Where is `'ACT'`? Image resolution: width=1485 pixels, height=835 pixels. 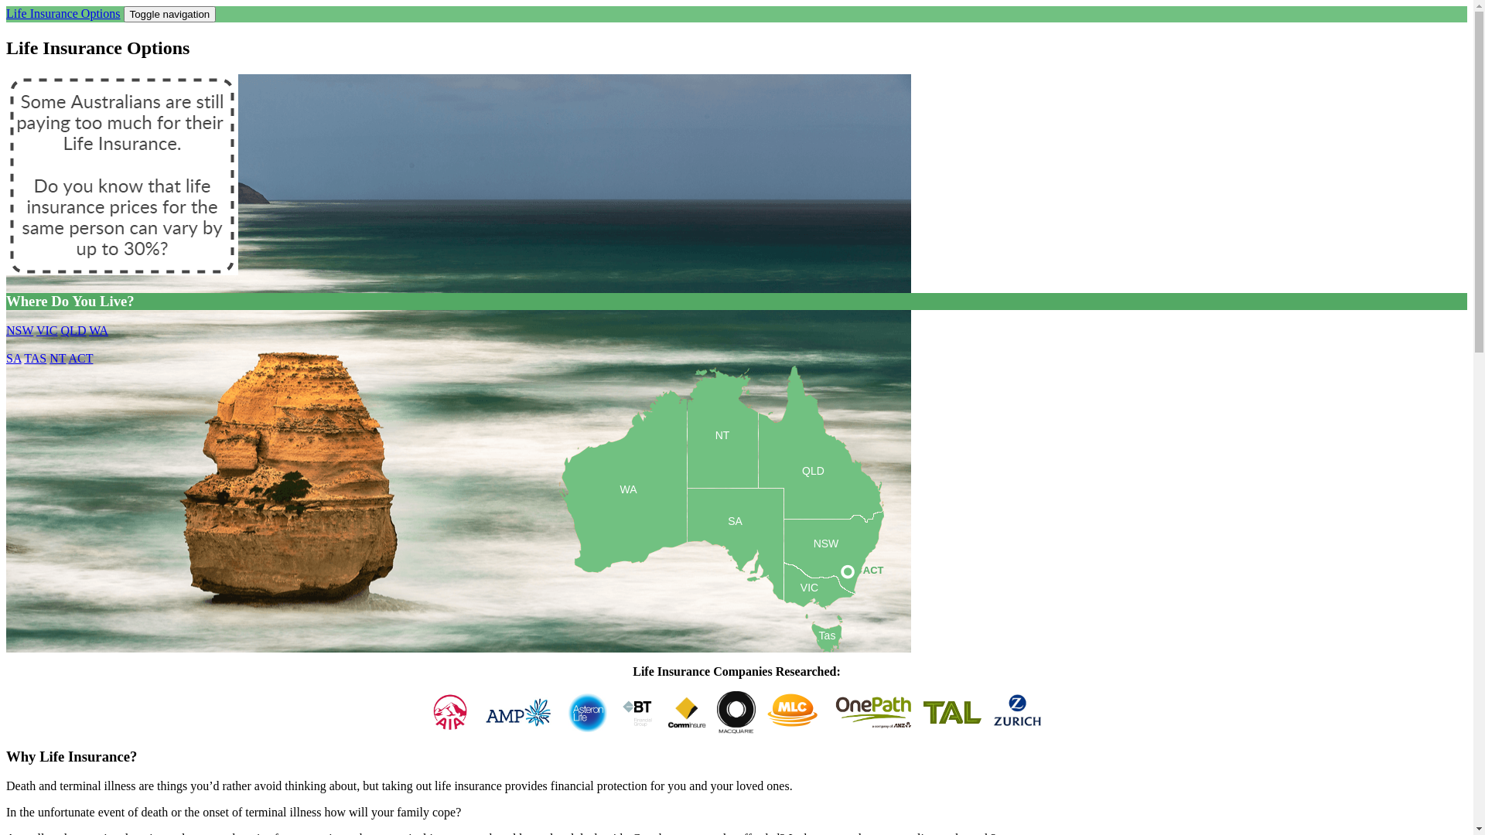
'ACT' is located at coordinates (80, 358).